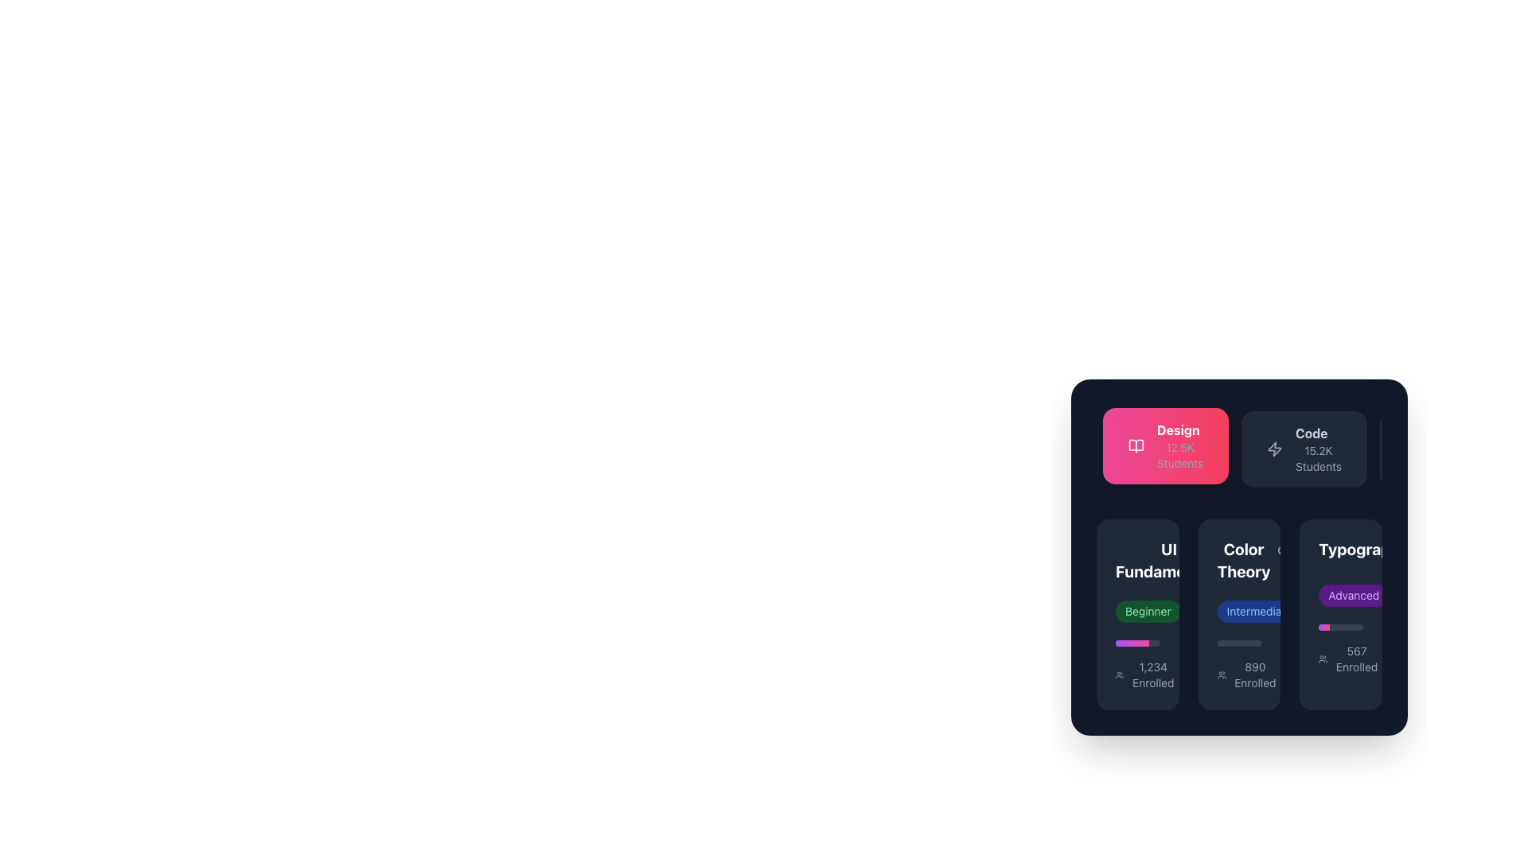  Describe the element at coordinates (1198, 610) in the screenshot. I see `the circular clock icon, which features a minimalistic design with clock hands inside, located to the left of the text '2h 15m'` at that location.